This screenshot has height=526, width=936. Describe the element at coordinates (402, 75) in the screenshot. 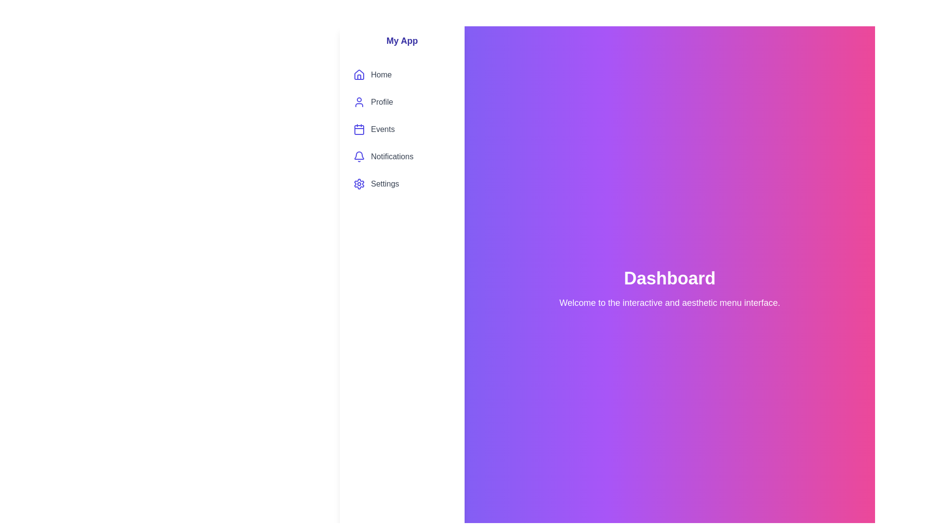

I see `the menu item labeled Home to preview its hover state` at that location.